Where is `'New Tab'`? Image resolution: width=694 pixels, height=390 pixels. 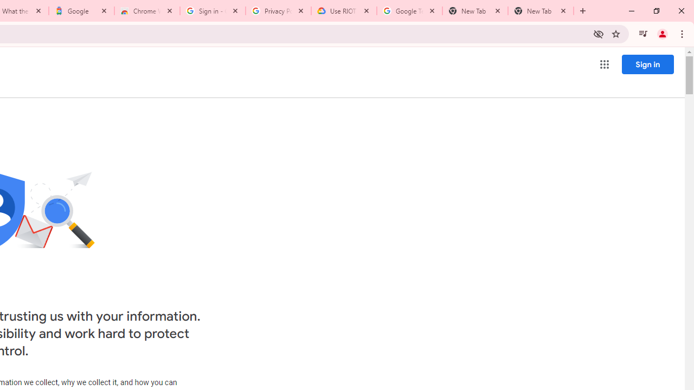 'New Tab' is located at coordinates (541, 11).